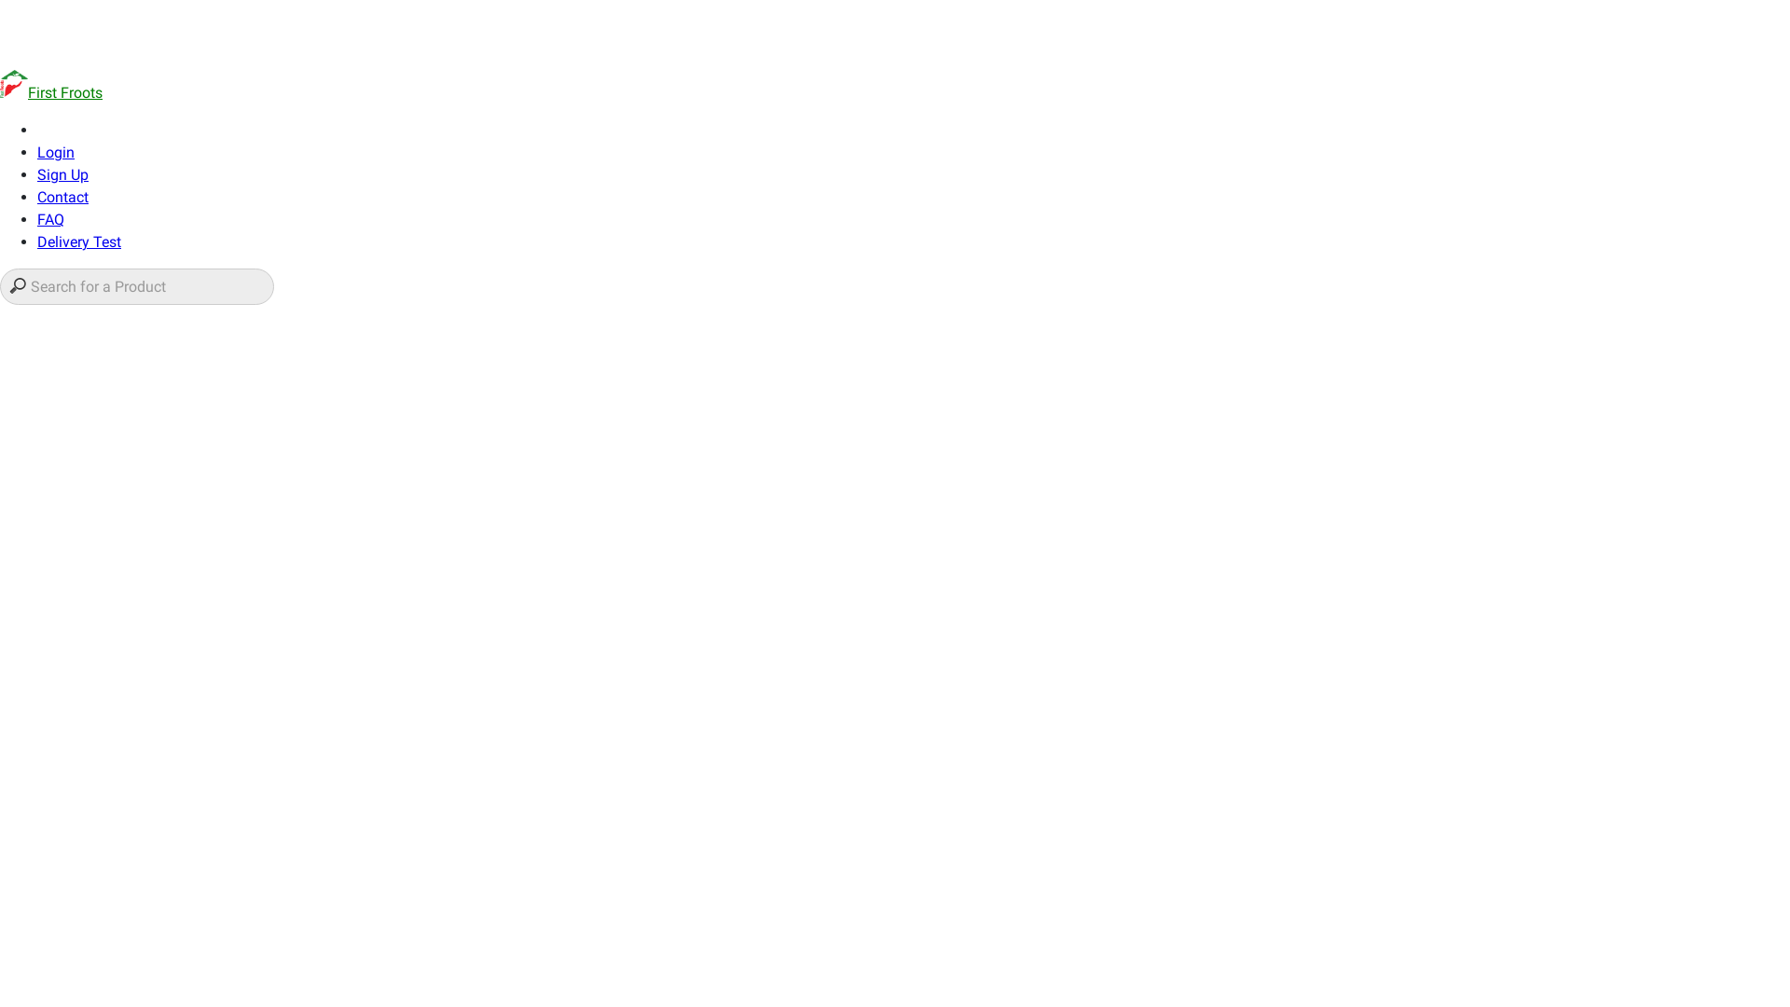 Image resolution: width=1790 pixels, height=1007 pixels. What do you see at coordinates (0, 92) in the screenshot?
I see `'First Froots'` at bounding box center [0, 92].